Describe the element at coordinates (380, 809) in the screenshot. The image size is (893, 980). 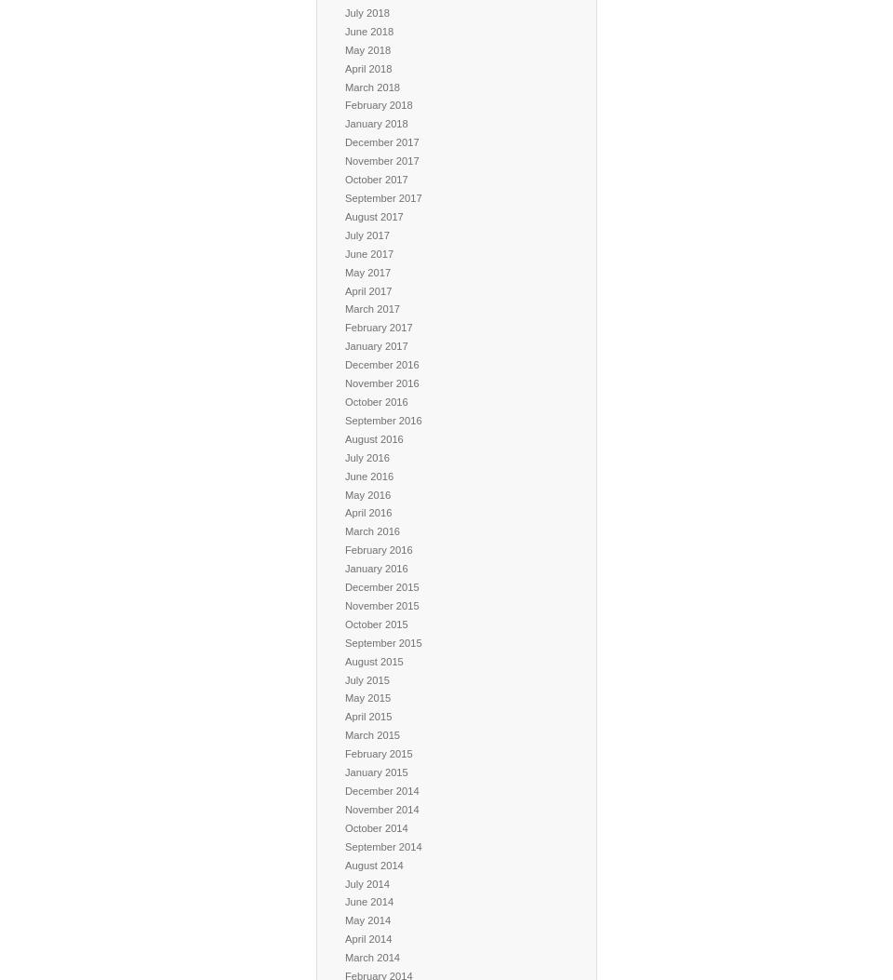
I see `'November 2014'` at that location.